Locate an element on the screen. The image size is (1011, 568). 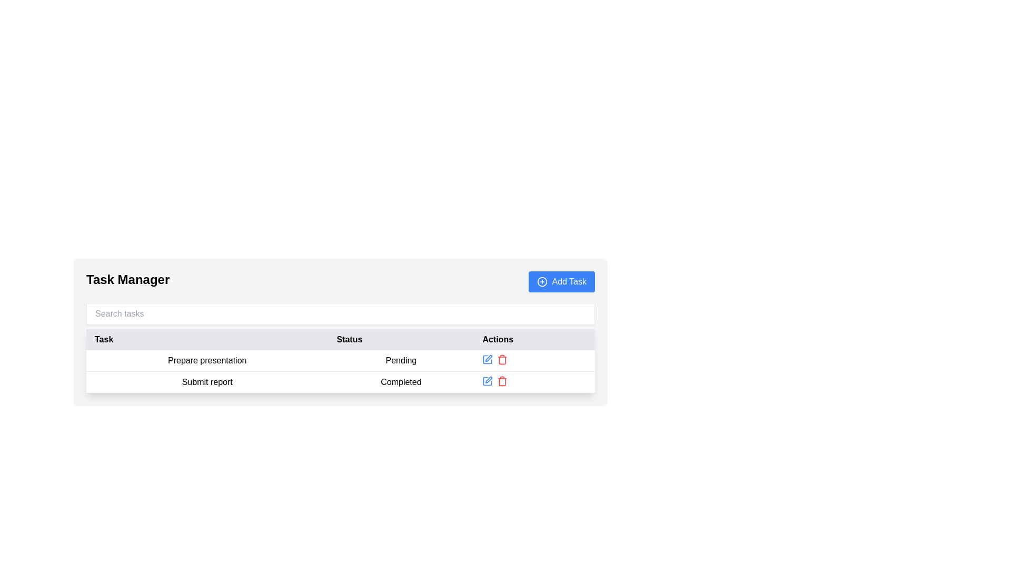
the 'Add Task' button located in the header section of the 'Task Manager' interface to observe potential hover effects is located at coordinates (561, 281).